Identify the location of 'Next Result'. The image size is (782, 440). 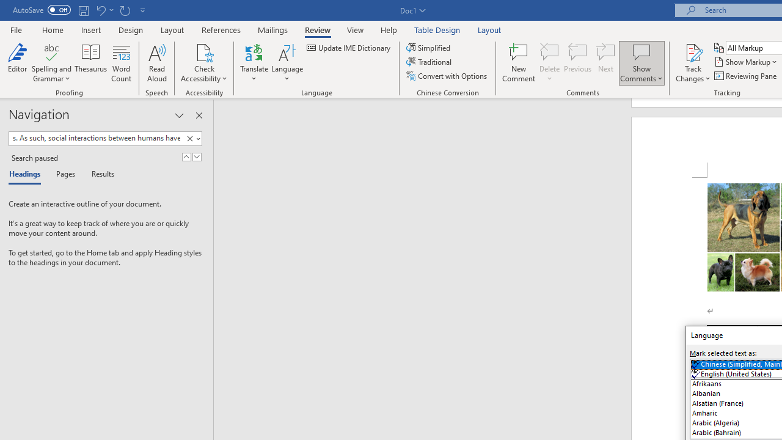
(197, 156).